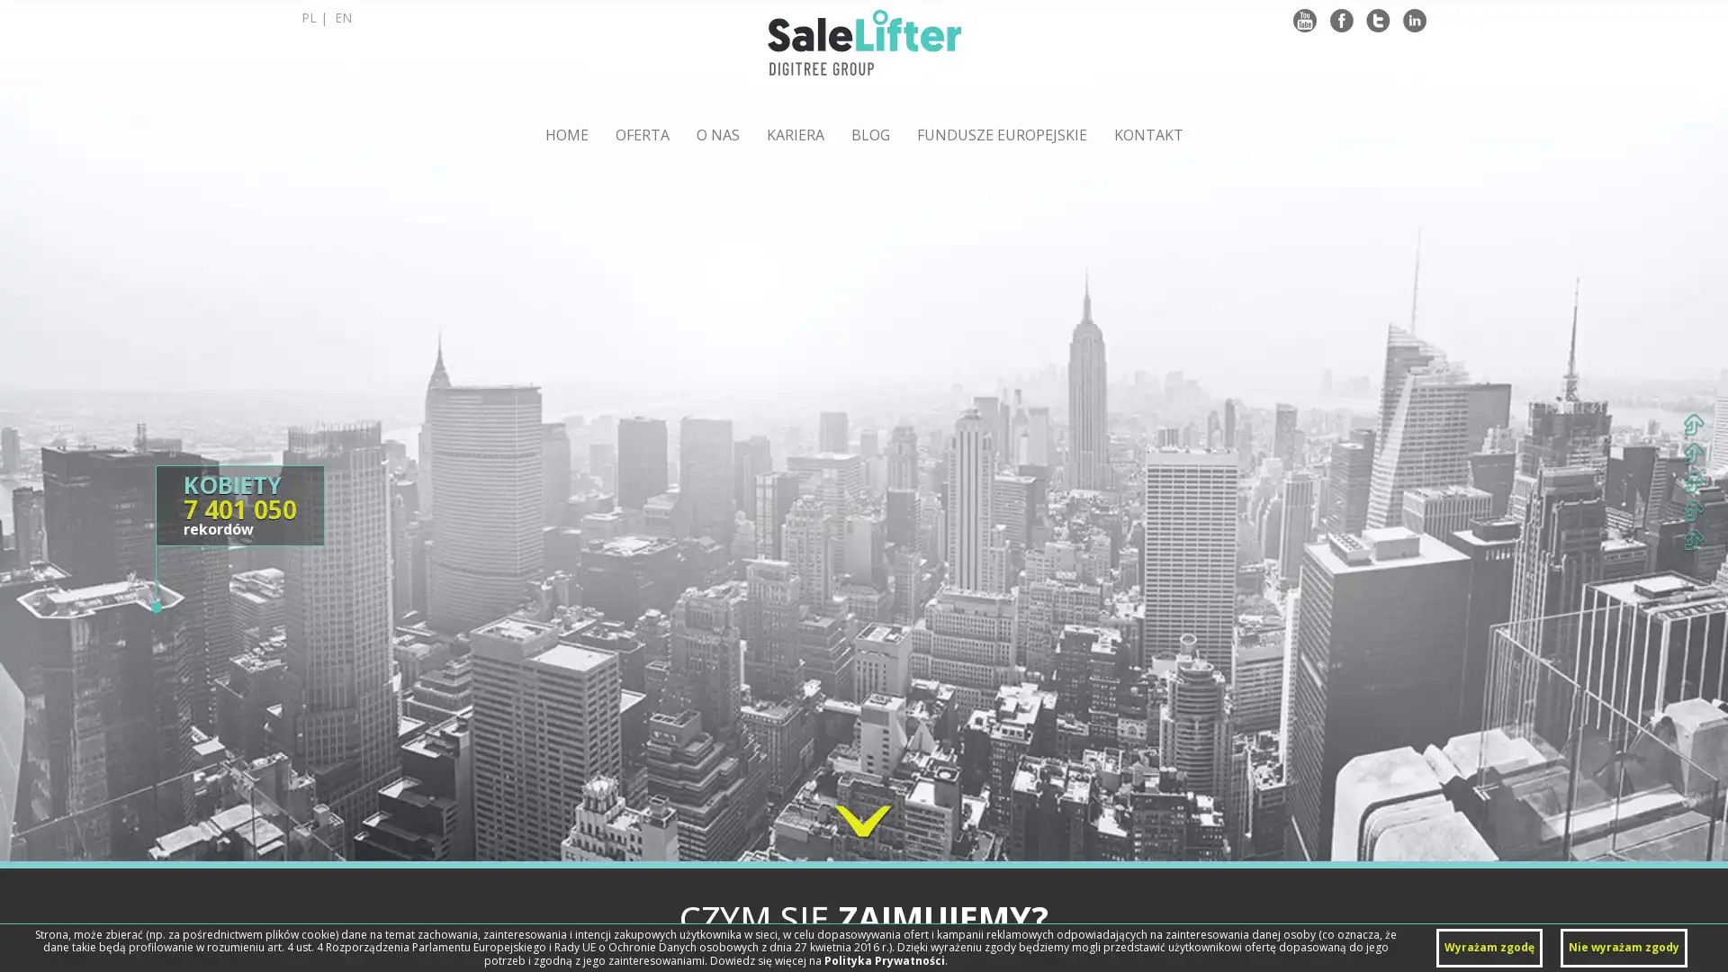 This screenshot has height=972, width=1728. What do you see at coordinates (1624, 947) in the screenshot?
I see `Nie wyrazam zgody` at bounding box center [1624, 947].